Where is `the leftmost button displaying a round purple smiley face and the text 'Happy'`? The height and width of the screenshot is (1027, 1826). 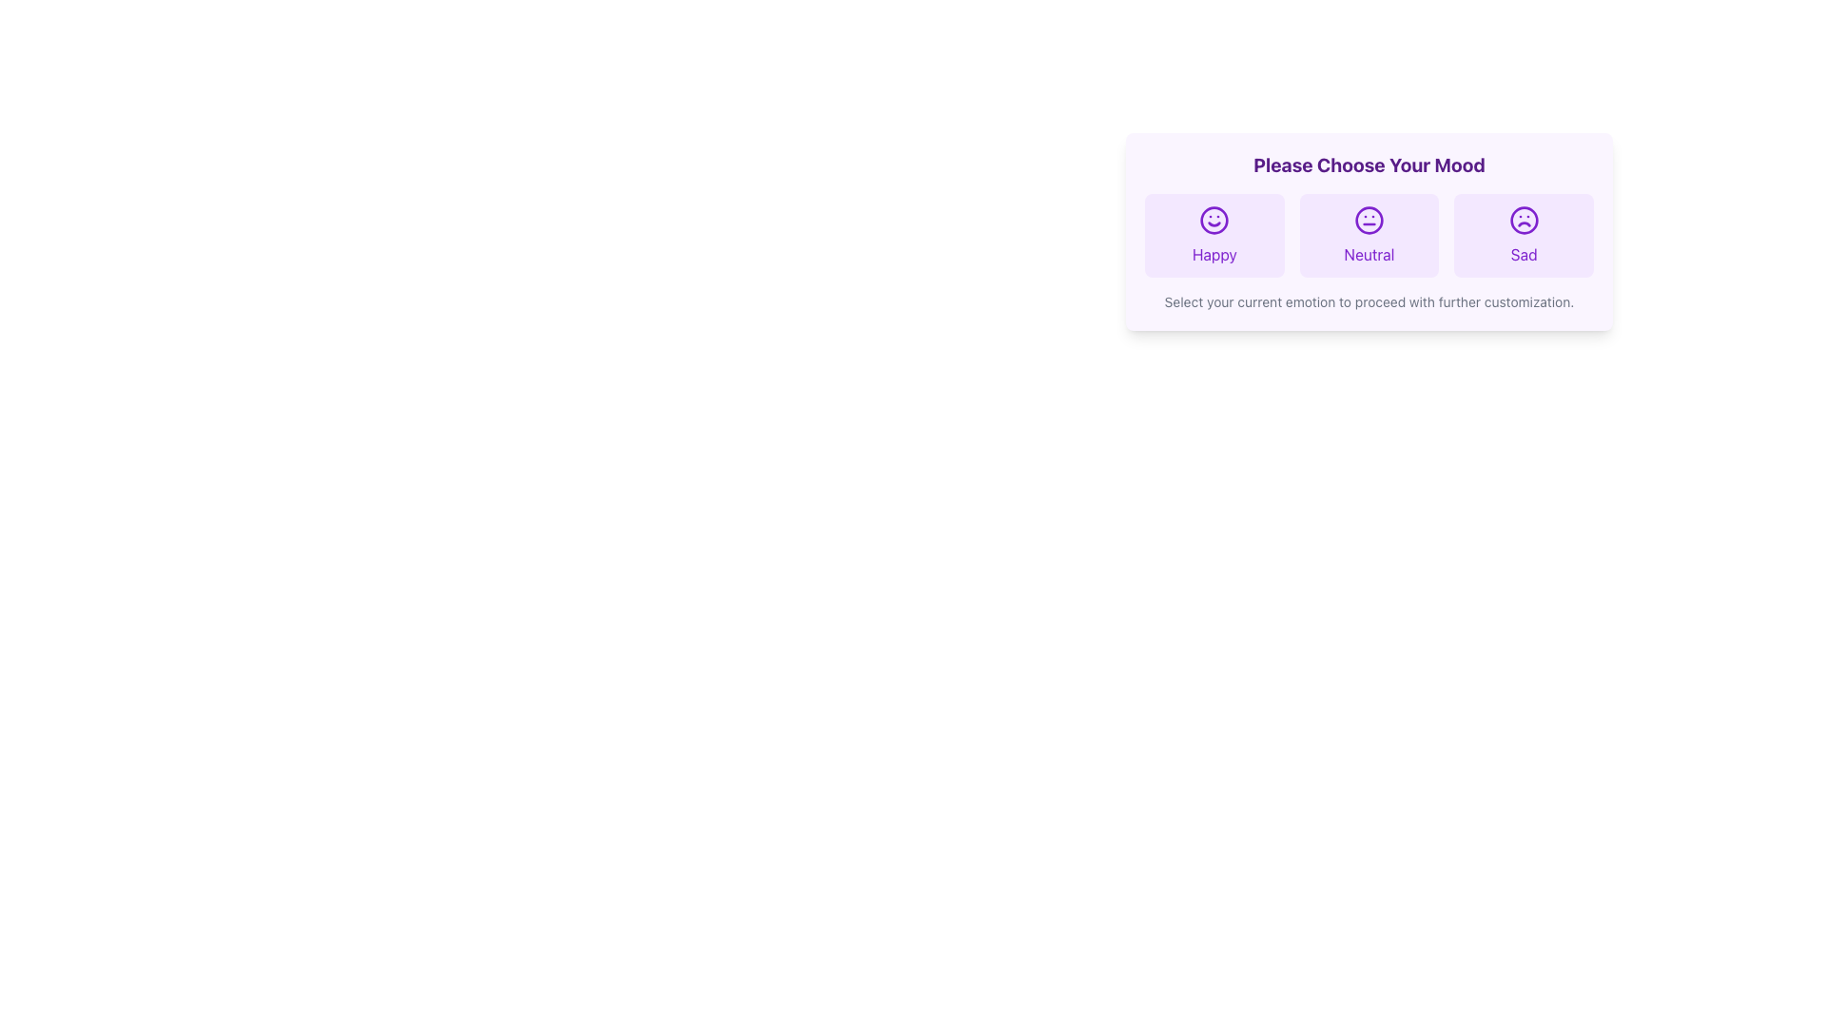 the leftmost button displaying a round purple smiley face and the text 'Happy' is located at coordinates (1213, 234).